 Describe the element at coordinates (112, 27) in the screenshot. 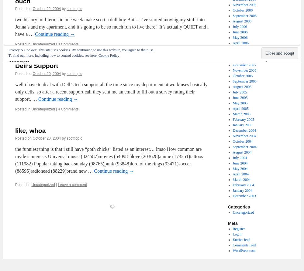

I see `'two history mid-terms in one week make scott a dull boy But… I’ve started moving my stuff into Jenna’s and my apartment, and it’s going to be so much fun to live there!  It’s actually QUIET and i have a …'` at that location.